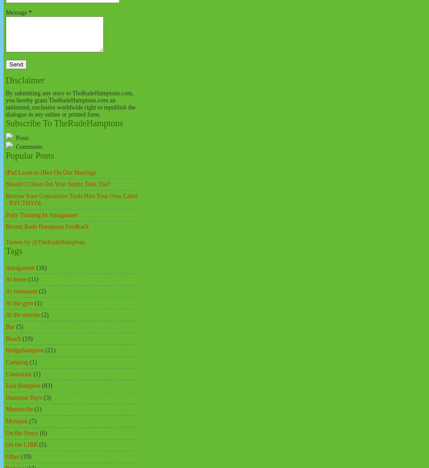 This screenshot has height=468, width=429. Describe the element at coordinates (10, 326) in the screenshot. I see `'Bar'` at that location.